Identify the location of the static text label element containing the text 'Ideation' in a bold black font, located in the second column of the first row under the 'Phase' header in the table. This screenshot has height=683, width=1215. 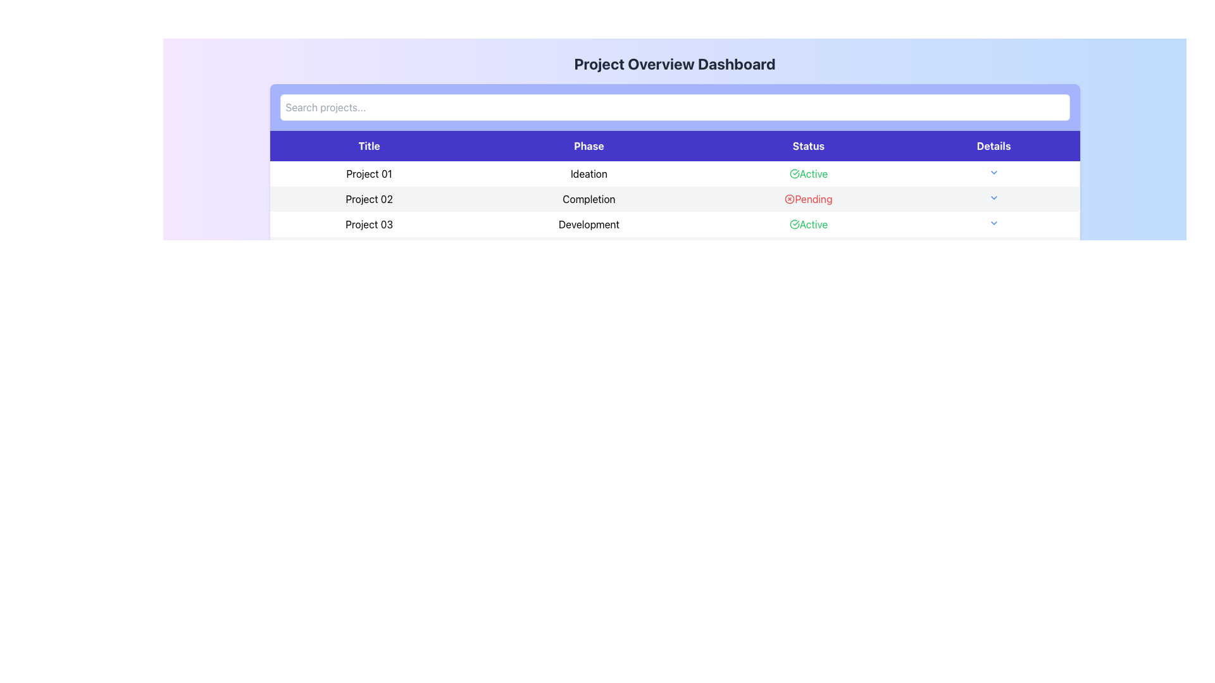
(588, 173).